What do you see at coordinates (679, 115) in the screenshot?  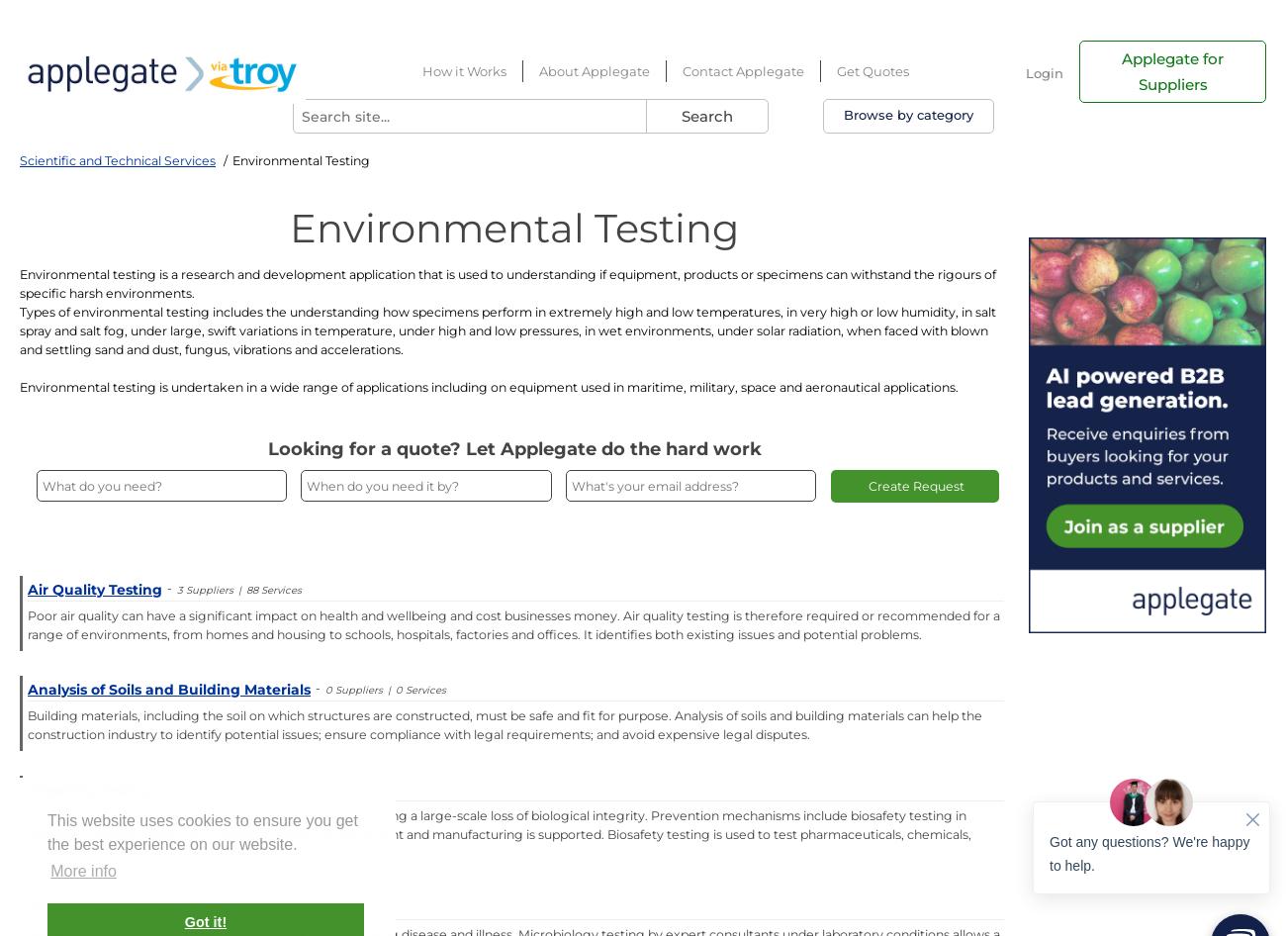 I see `'Search'` at bounding box center [679, 115].